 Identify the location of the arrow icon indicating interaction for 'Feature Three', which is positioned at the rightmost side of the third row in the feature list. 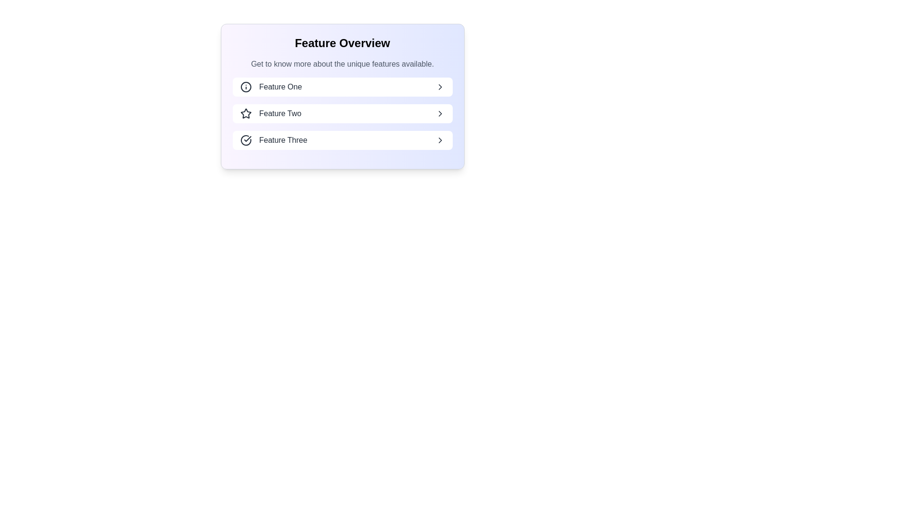
(439, 140).